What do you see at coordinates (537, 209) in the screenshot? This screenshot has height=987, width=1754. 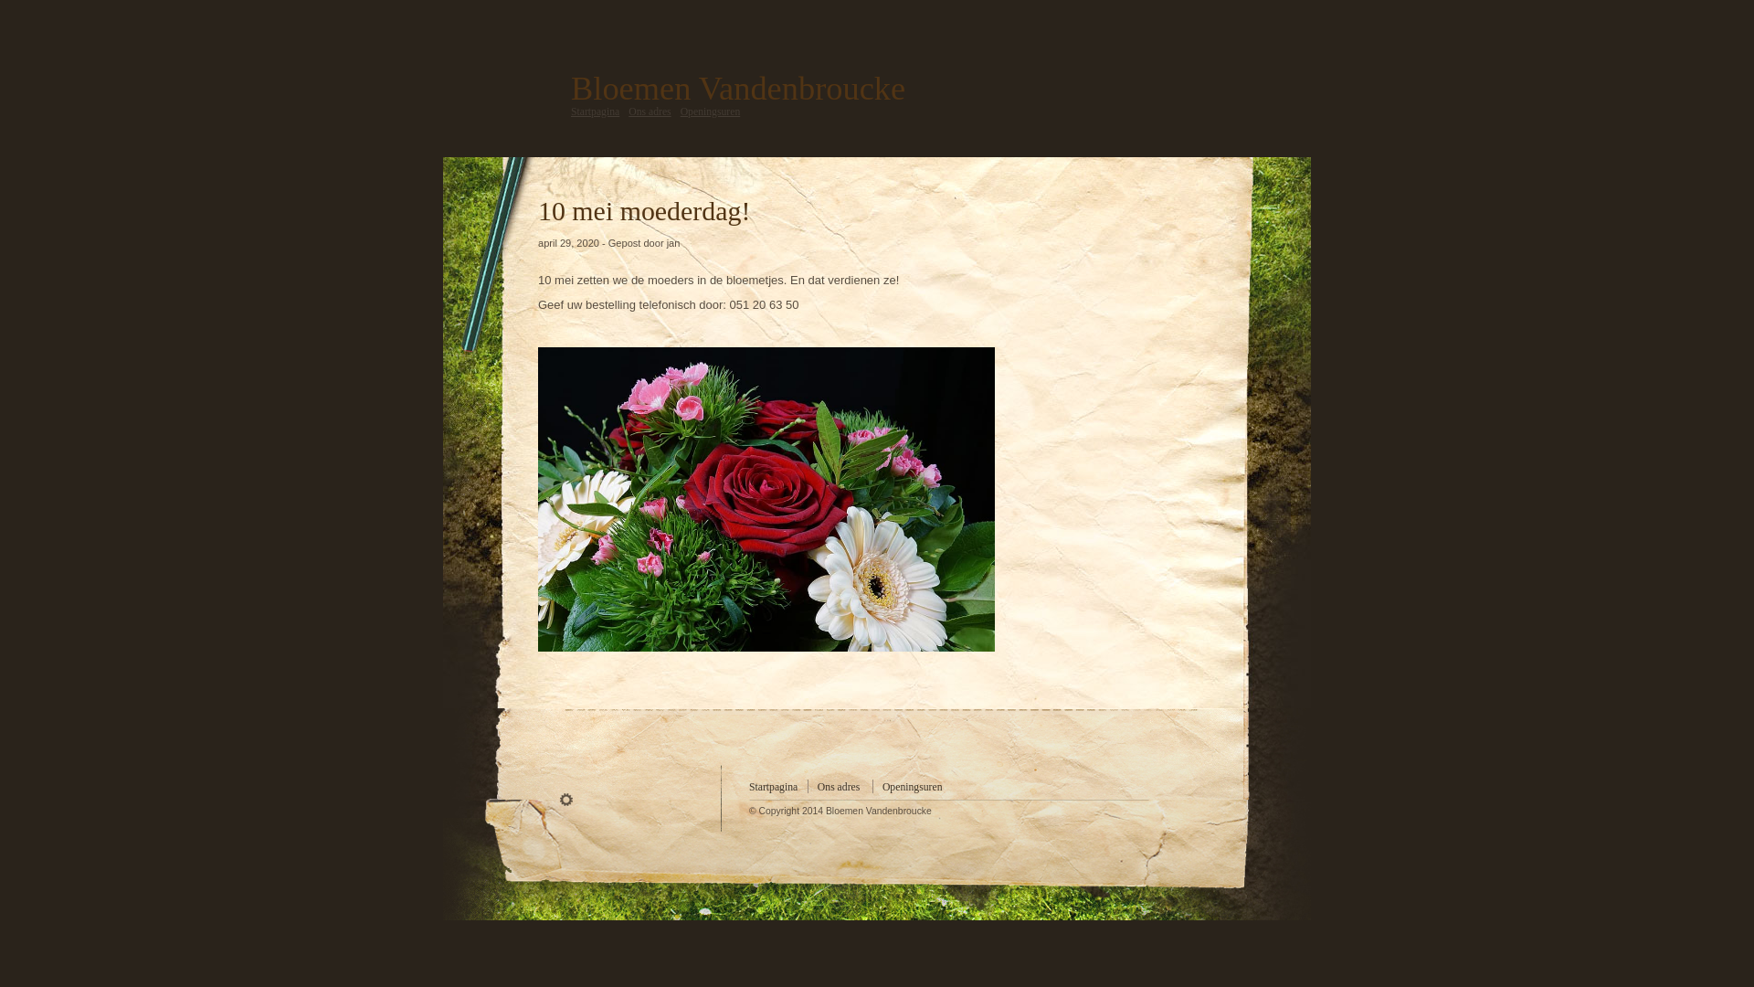 I see `'10 mei moederdag!'` at bounding box center [537, 209].